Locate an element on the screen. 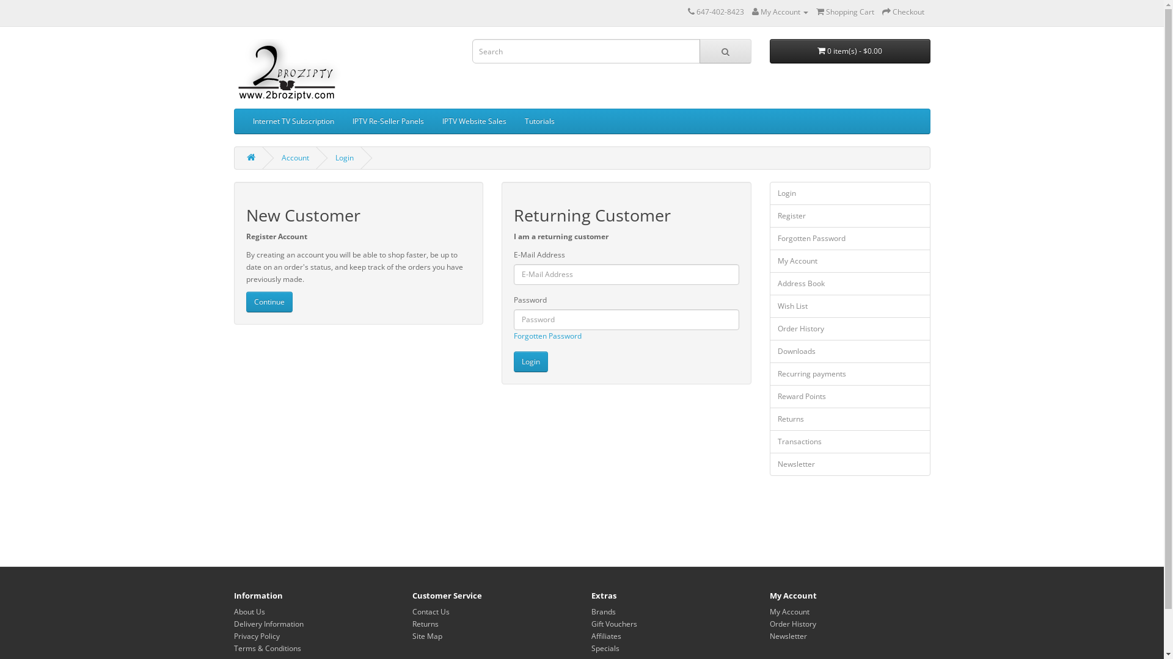  'My Account' is located at coordinates (849, 261).